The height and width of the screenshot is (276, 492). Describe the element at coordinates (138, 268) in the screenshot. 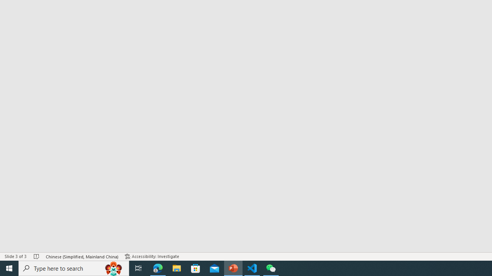

I see `'Task View'` at that location.